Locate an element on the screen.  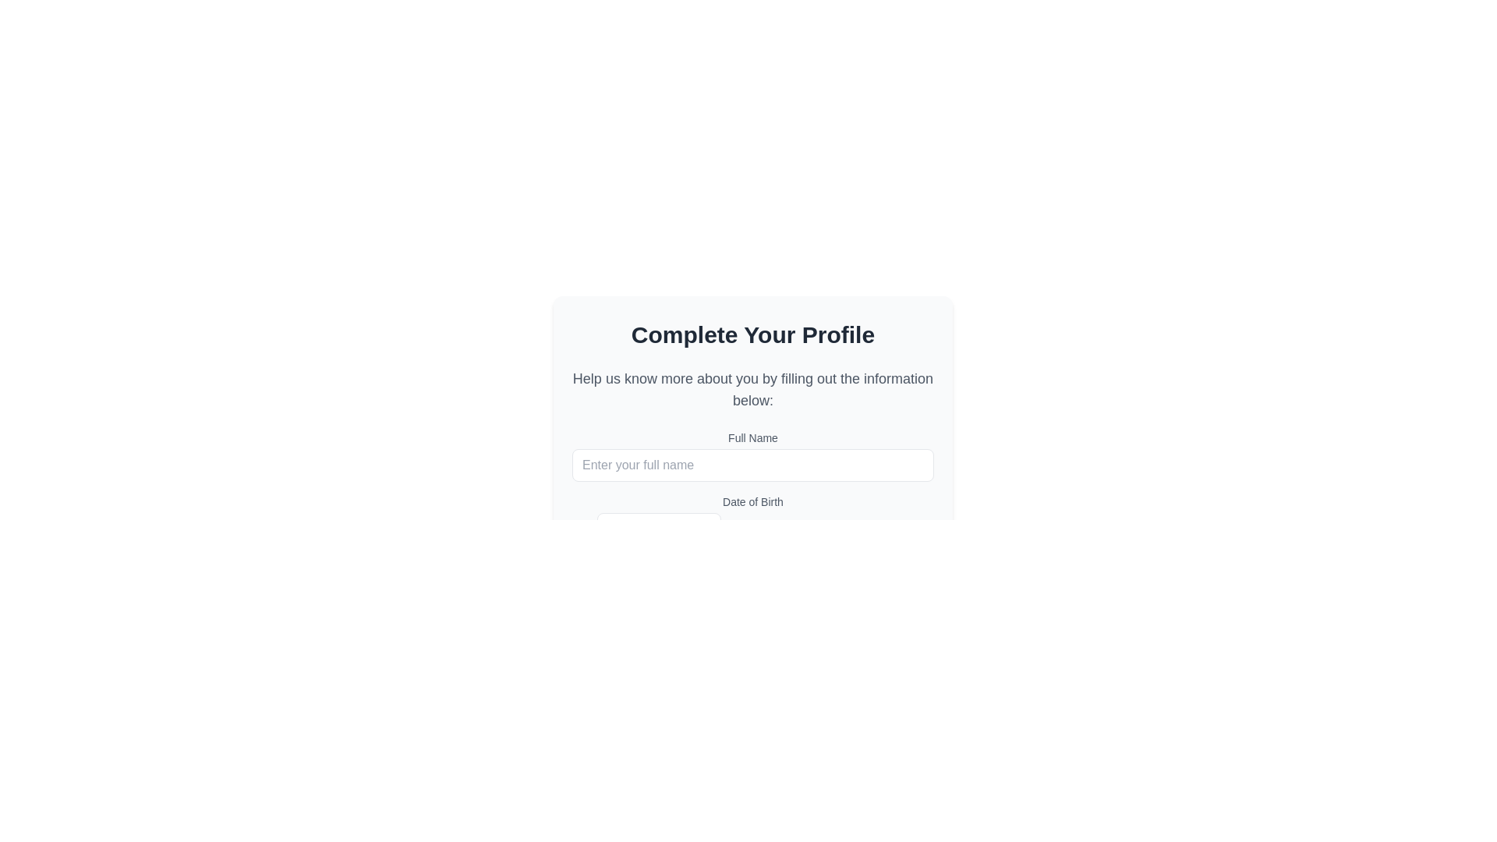
the Label that indicates the purpose of the date input field, positioned immediately above it is located at coordinates (752, 502).